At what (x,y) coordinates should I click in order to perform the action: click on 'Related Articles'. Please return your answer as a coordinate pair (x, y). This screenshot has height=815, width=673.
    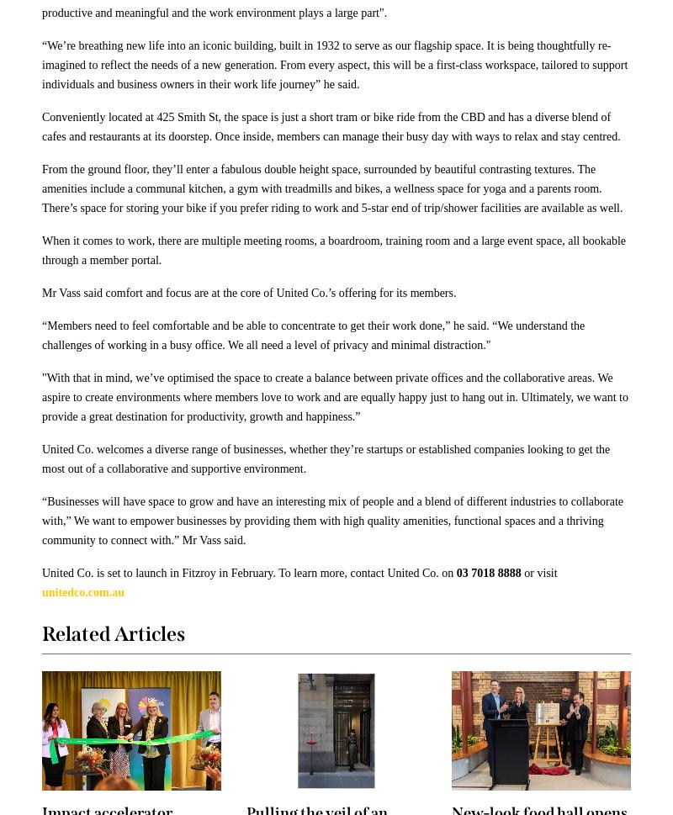
    Looking at the image, I should click on (114, 632).